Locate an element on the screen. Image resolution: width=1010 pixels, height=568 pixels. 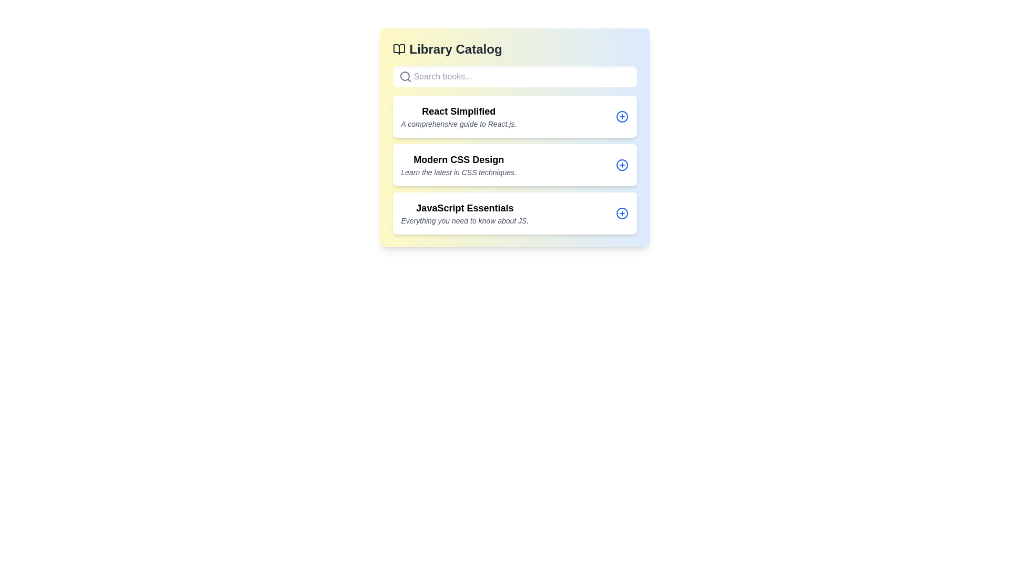
the book entry corresponding to the title React Simplified to view its details is located at coordinates (514, 117).